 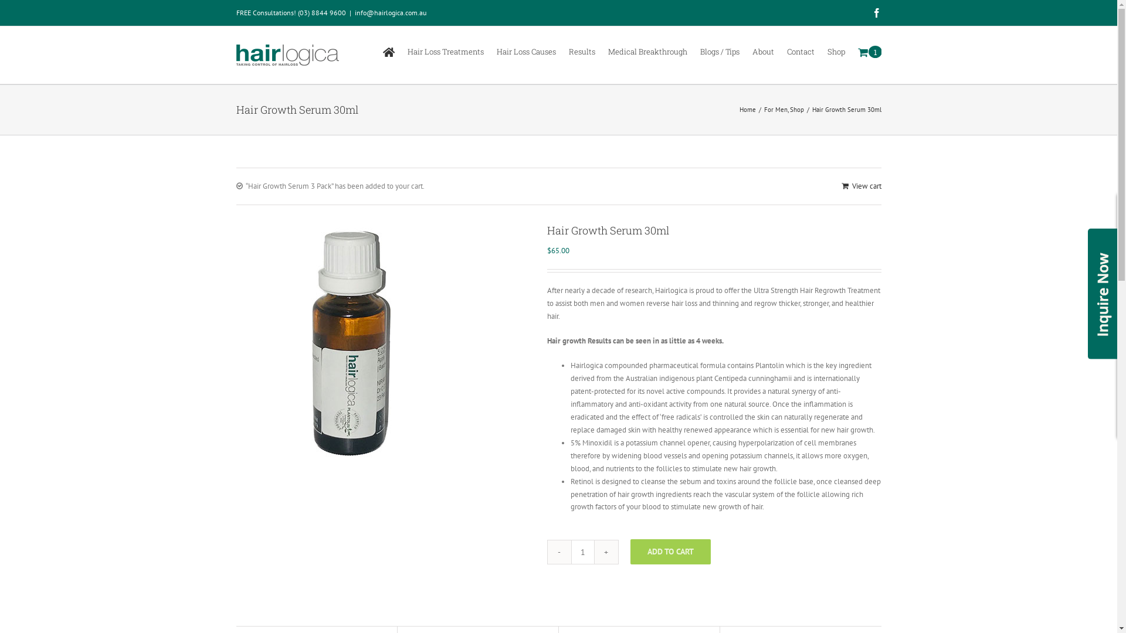 I want to click on '(03) 8844 9600', so click(x=321, y=12).